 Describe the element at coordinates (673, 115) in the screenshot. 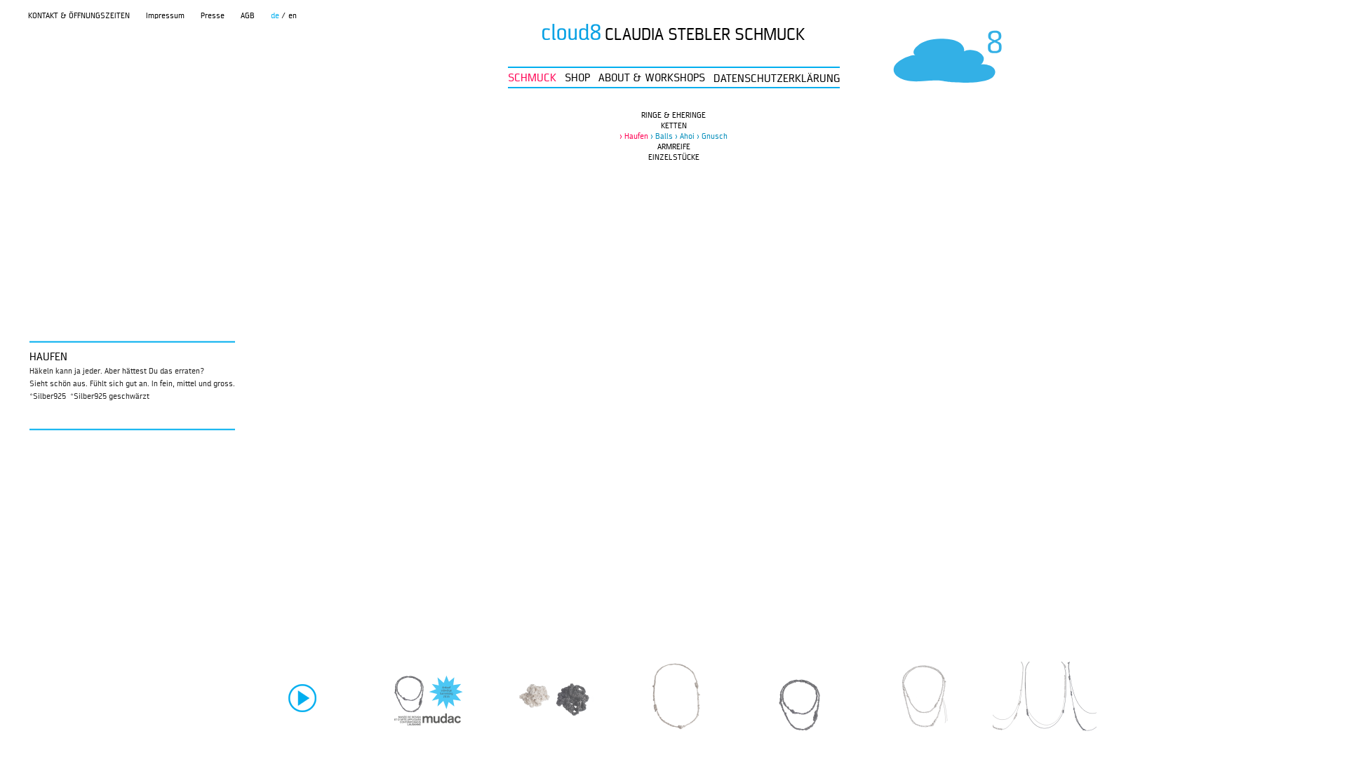

I see `'RINGE & EHERINGE'` at that location.